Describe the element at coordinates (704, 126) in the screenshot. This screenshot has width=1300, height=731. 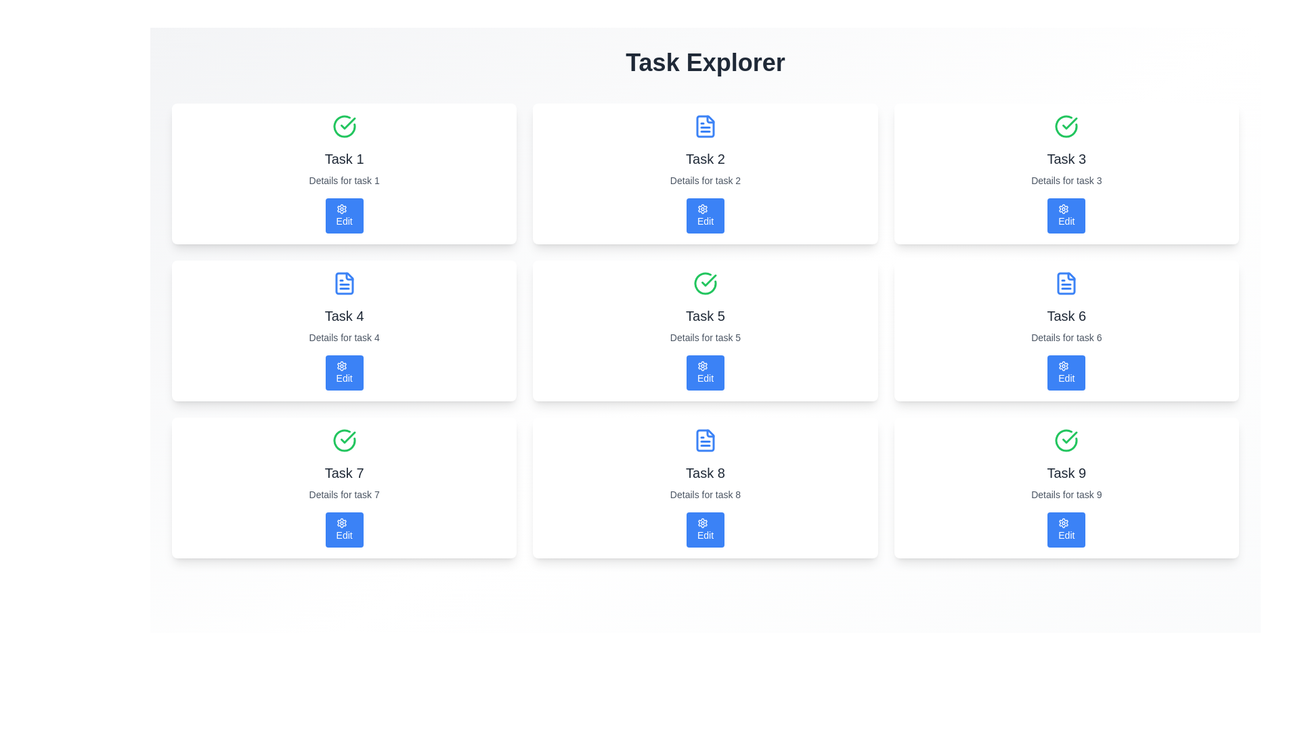
I see `the blue document SVG icon associated with 'Task 2' in the second card of the top row` at that location.